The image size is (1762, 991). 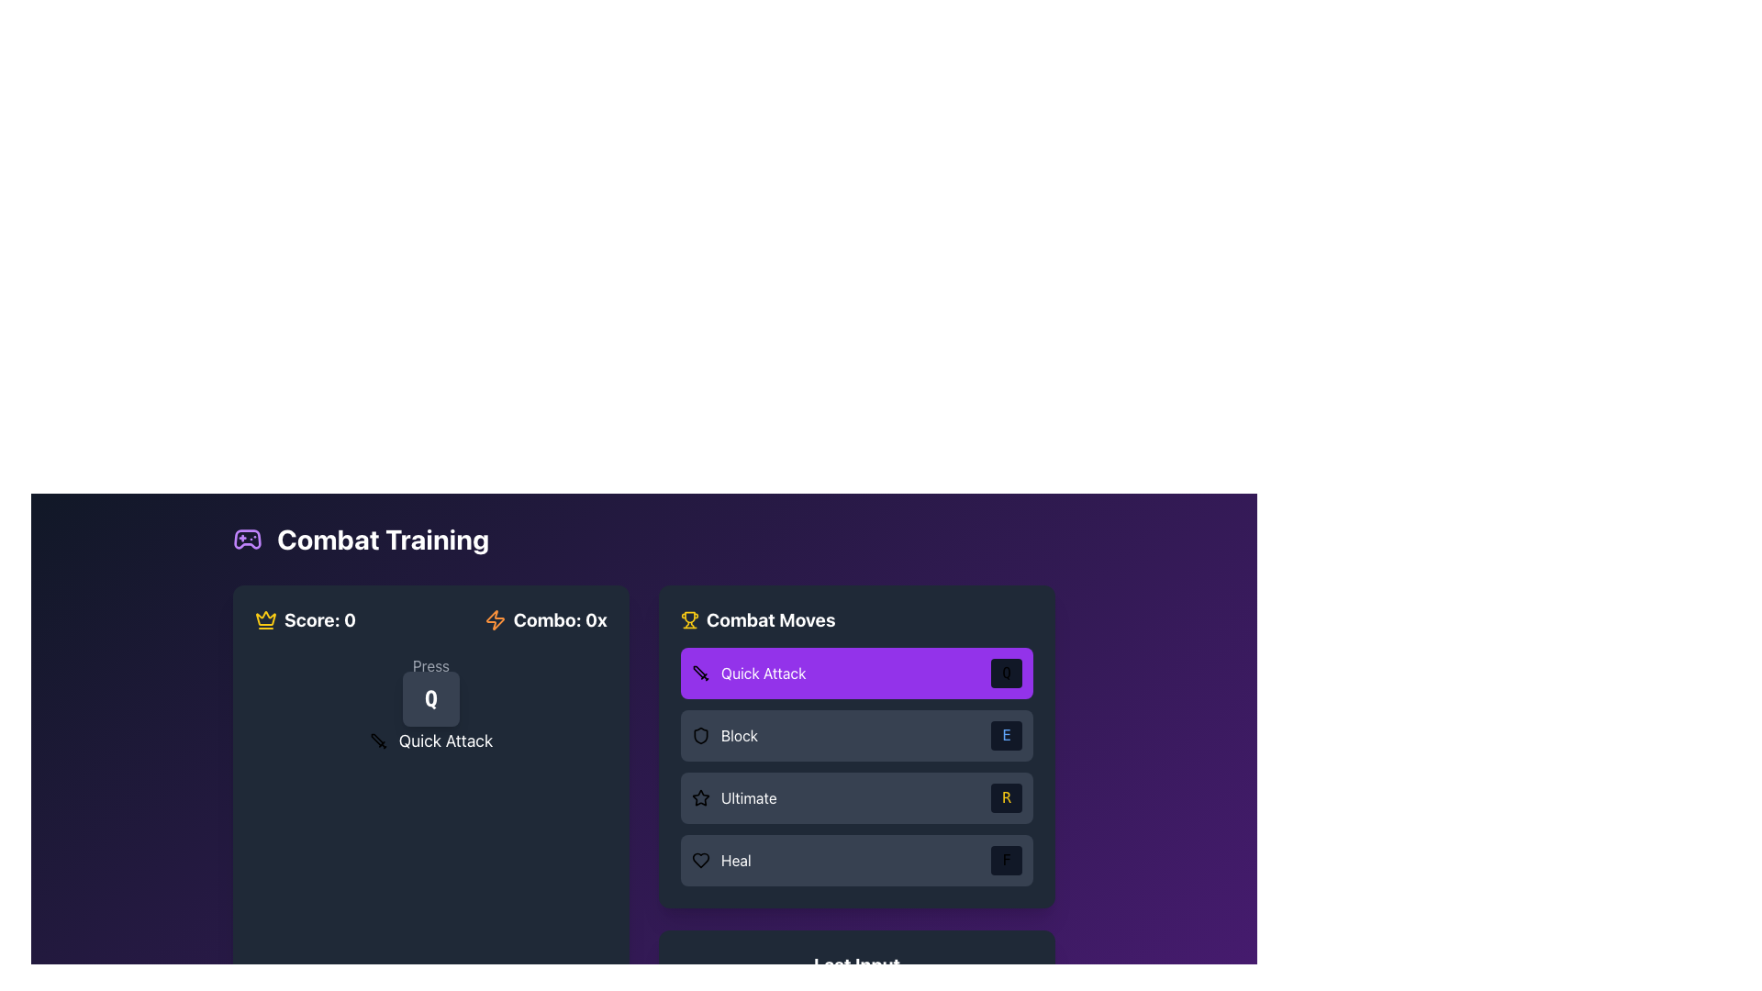 I want to click on the icon in the Composite component that instructs the user to press the 'Q' key for 'Quick Attack', located in the 'Combat Training' panel beneath 'Score: 0' and 'Combo: 0x', so click(x=430, y=703).